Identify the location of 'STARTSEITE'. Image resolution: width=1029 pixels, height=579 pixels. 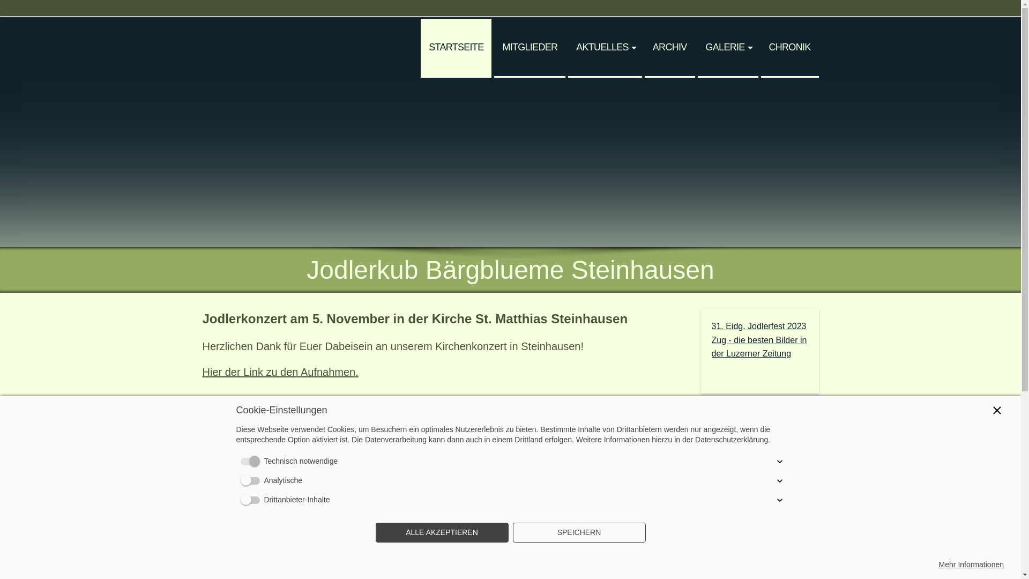
(456, 47).